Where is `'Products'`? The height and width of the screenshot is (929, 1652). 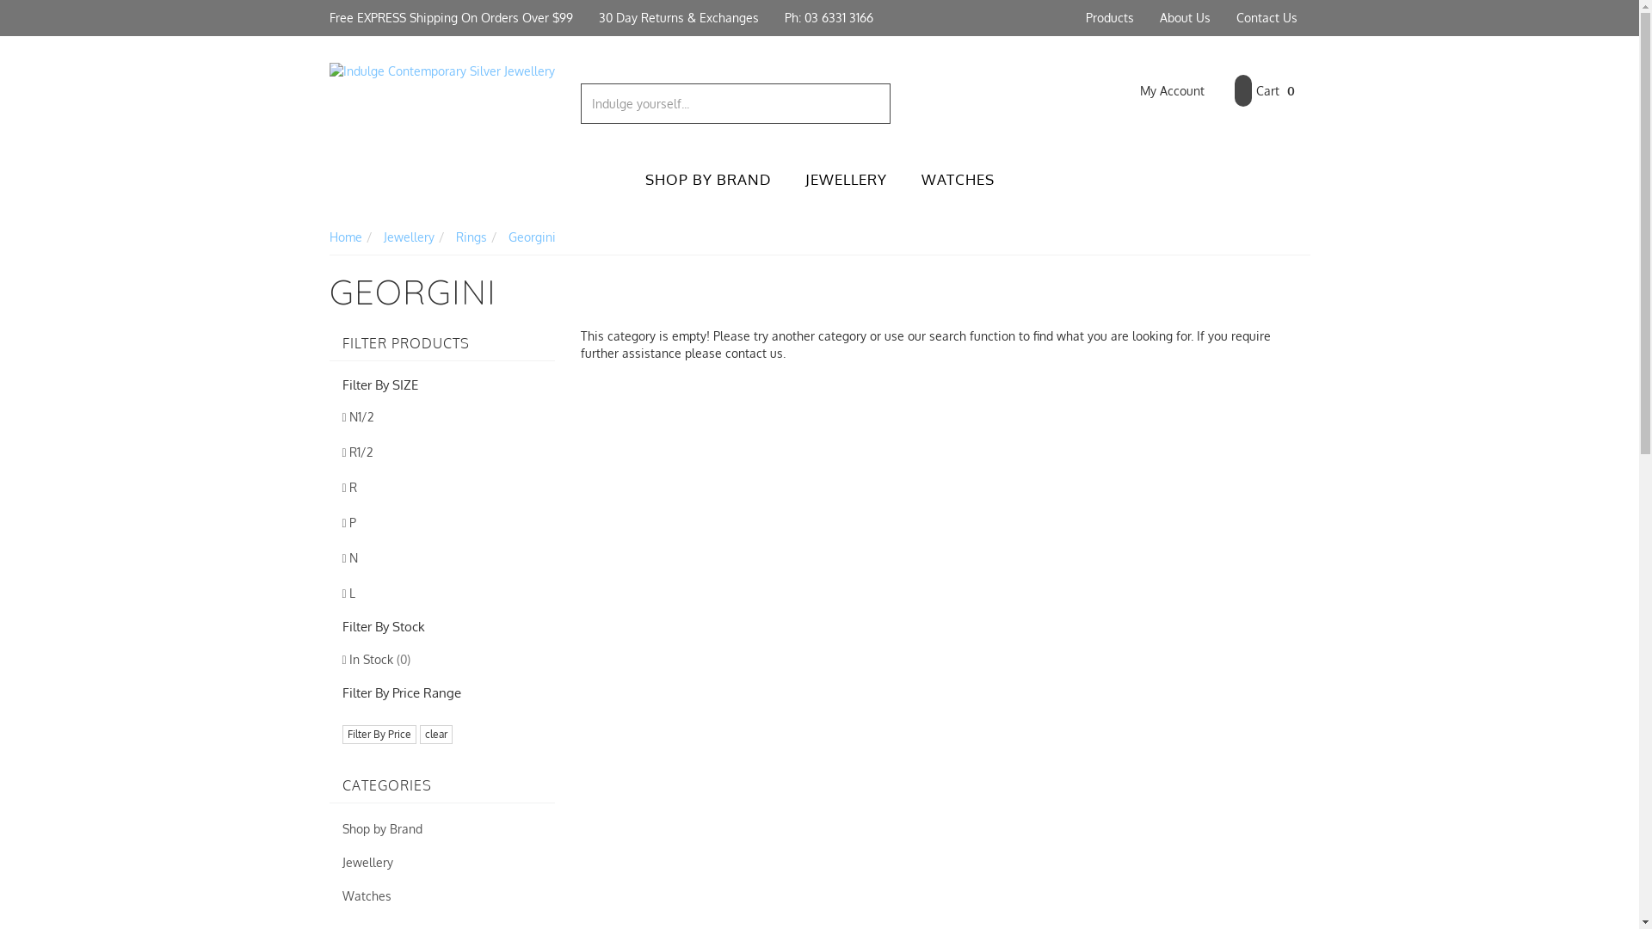 'Products' is located at coordinates (1109, 17).